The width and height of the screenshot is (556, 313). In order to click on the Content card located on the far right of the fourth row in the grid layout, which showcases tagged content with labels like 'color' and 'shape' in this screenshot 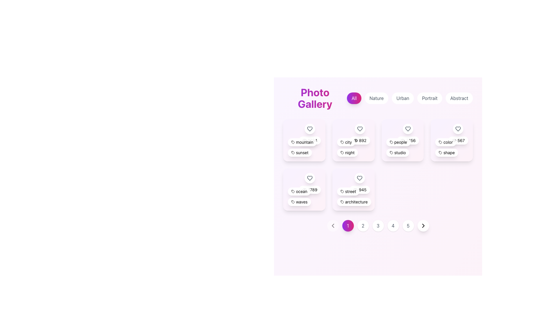, I will do `click(451, 140)`.